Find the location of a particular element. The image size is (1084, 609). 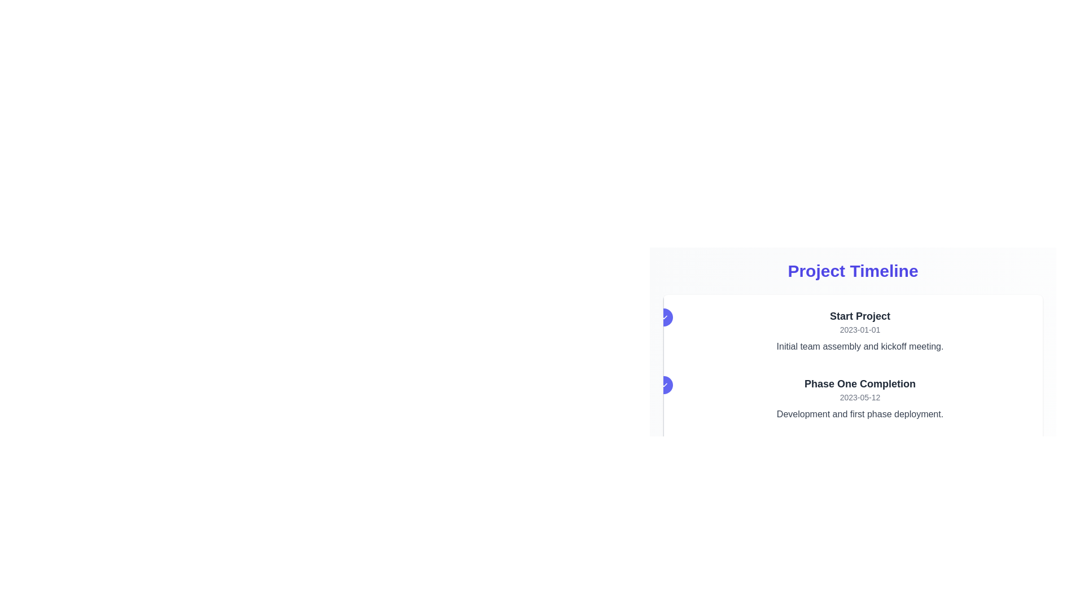

the downward-pointing chevron arrow icon with a white color inside a blue-indigo circular button located in the top-left of the 'Project Timeline' panel is located at coordinates (664, 317).